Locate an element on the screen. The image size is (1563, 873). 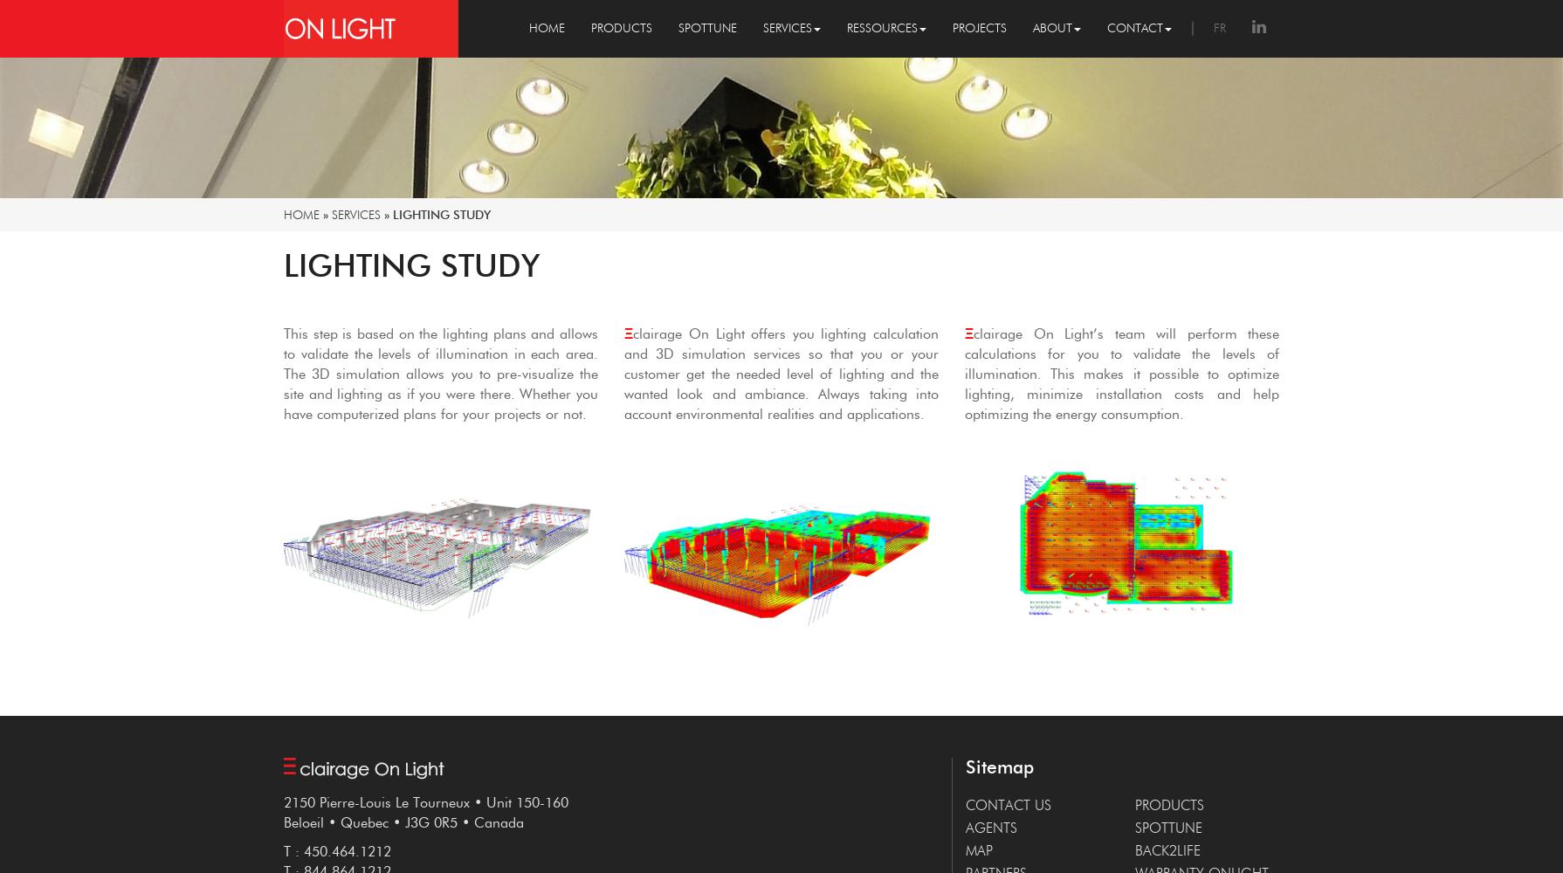
'2150 Pierre-Louis Le Tourneux • Unit 150-160' is located at coordinates (424, 802).